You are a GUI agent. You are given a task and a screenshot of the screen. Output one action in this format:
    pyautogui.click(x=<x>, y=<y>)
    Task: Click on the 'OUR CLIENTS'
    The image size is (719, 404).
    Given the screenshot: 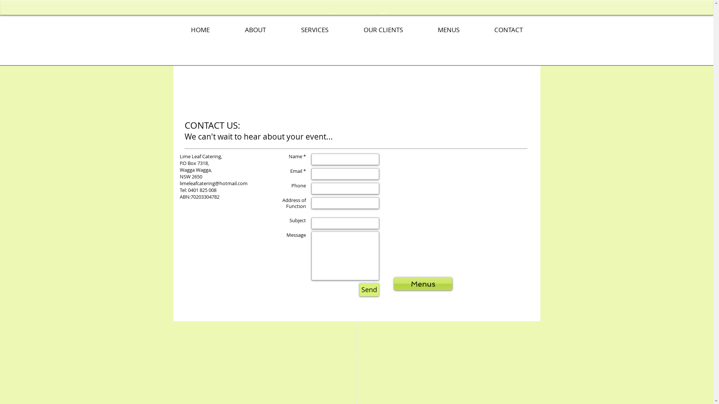 What is the action you would take?
    pyautogui.click(x=383, y=30)
    